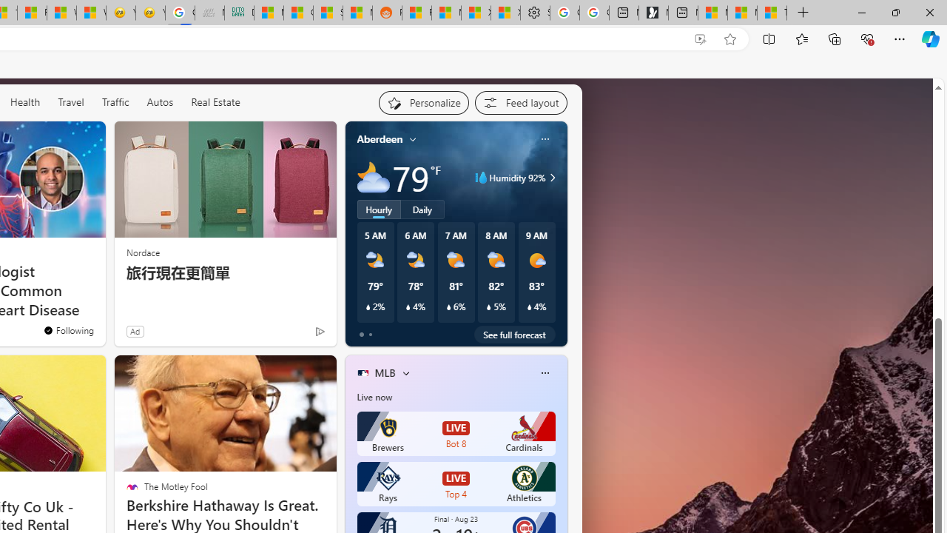 This screenshot has height=533, width=947. What do you see at coordinates (25, 101) in the screenshot?
I see `'Health'` at bounding box center [25, 101].